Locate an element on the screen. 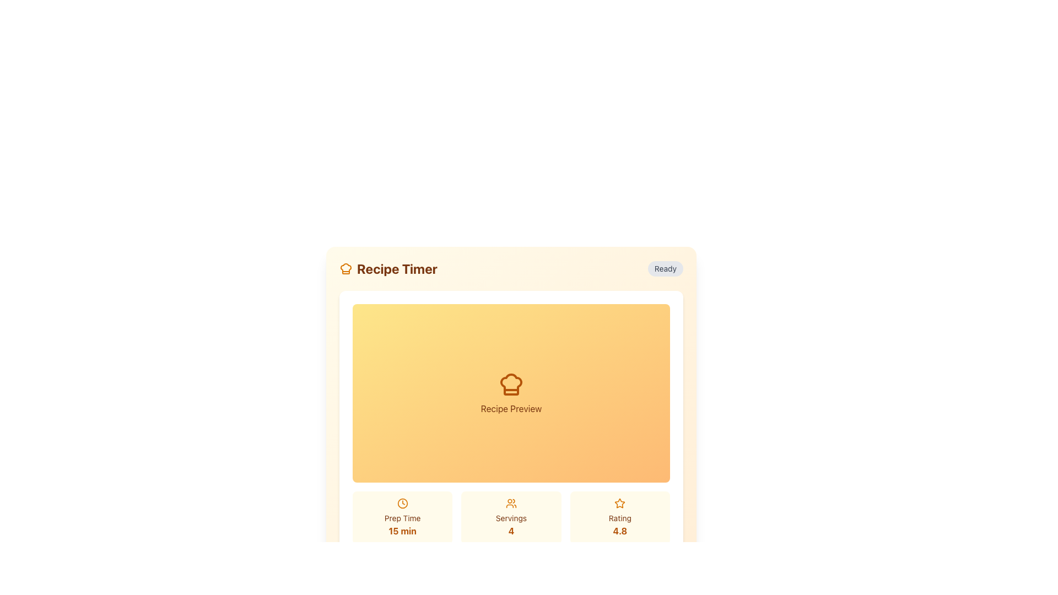  the inner circular part of the SVG clock icon, which represents the 'Prep Time' section of the recipe details is located at coordinates (402, 504).